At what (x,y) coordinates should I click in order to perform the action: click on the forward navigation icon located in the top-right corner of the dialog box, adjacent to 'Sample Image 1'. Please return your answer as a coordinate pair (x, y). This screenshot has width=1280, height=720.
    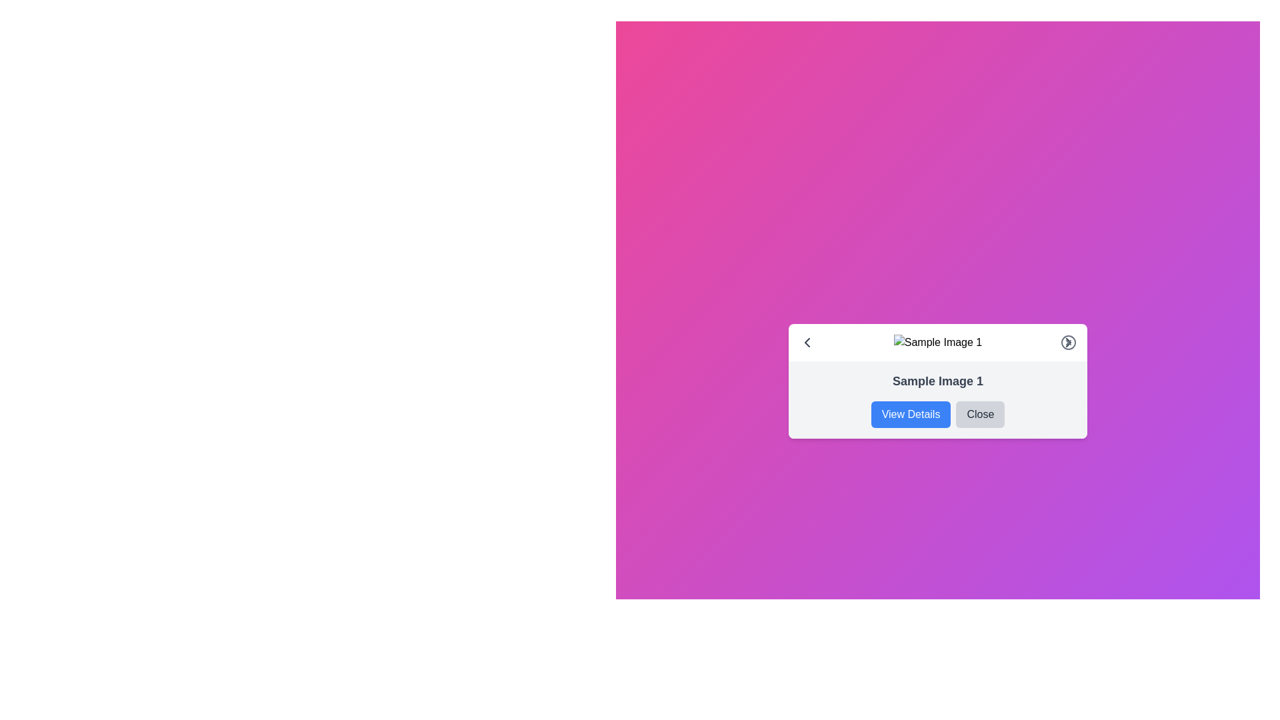
    Looking at the image, I should click on (1069, 341).